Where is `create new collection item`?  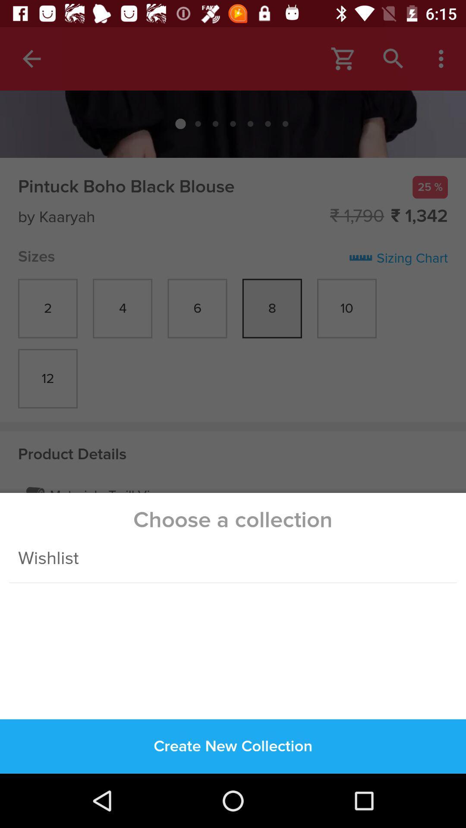
create new collection item is located at coordinates (233, 746).